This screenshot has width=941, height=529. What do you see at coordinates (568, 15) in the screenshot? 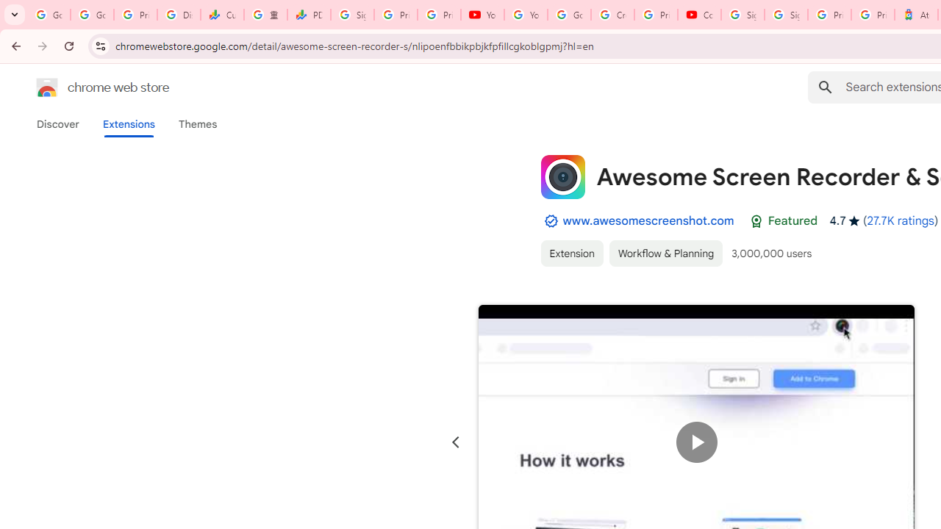
I see `'Google Account Help'` at bounding box center [568, 15].